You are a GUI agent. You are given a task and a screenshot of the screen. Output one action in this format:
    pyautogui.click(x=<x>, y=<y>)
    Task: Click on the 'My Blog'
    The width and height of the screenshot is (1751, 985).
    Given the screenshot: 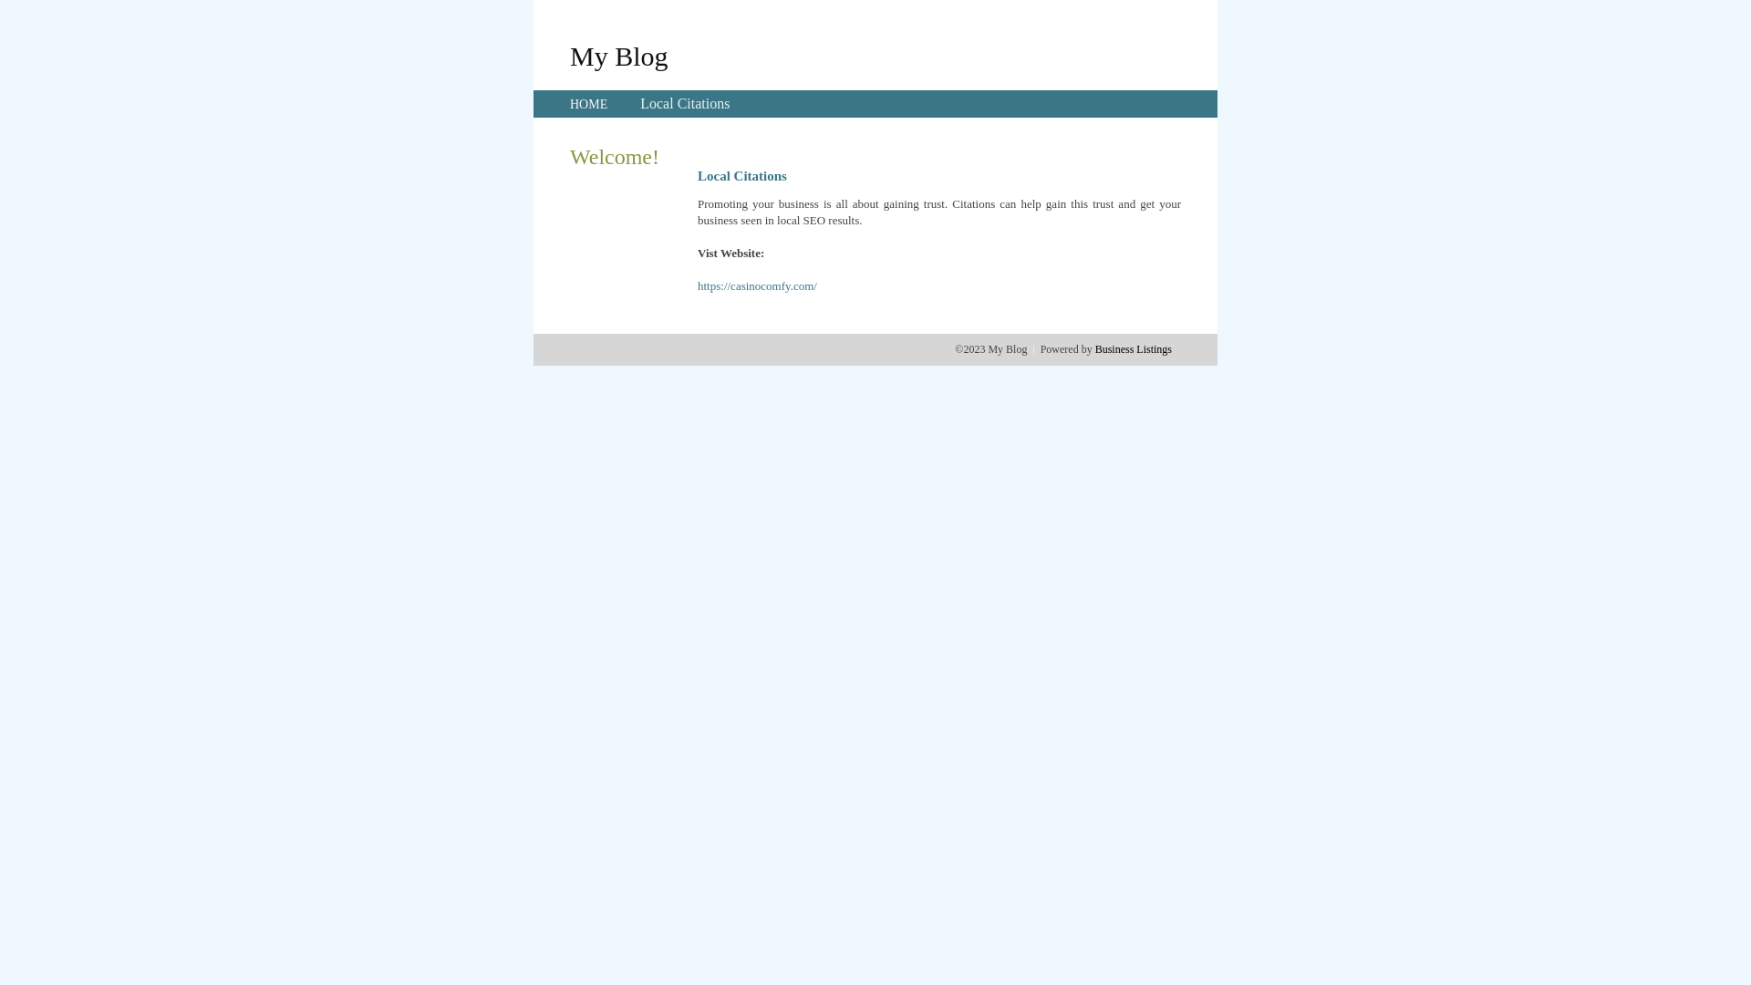 What is the action you would take?
    pyautogui.click(x=618, y=55)
    